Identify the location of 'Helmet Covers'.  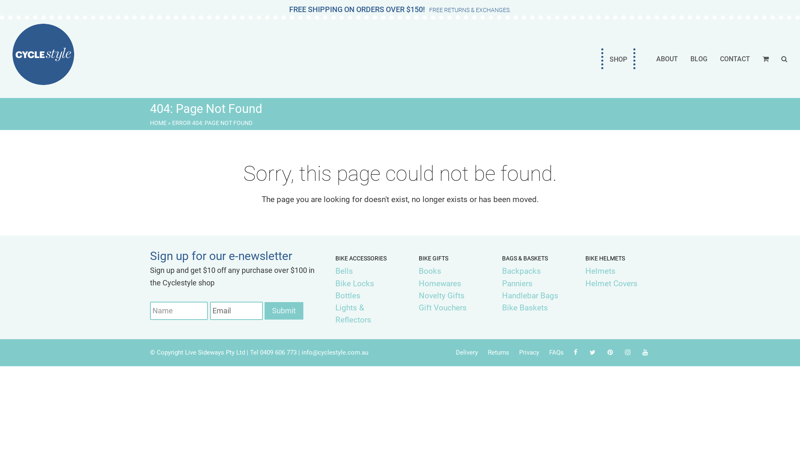
(611, 283).